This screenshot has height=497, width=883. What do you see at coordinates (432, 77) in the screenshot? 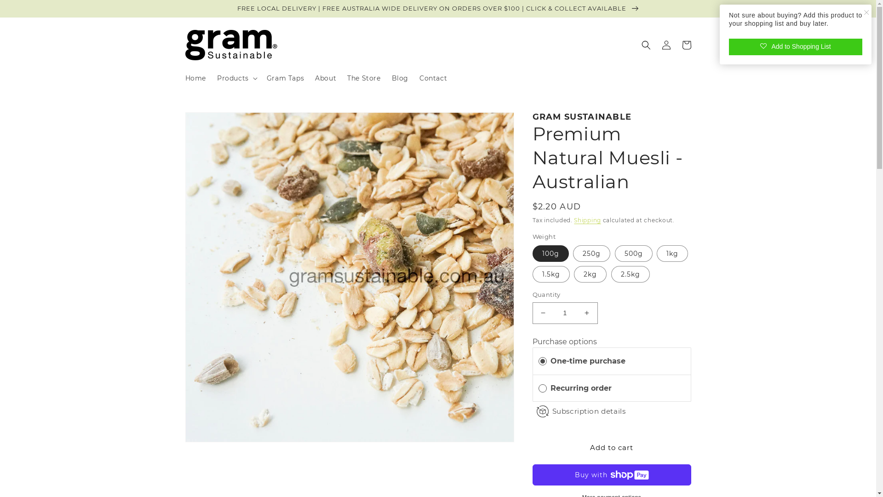
I see `'Contact'` at bounding box center [432, 77].